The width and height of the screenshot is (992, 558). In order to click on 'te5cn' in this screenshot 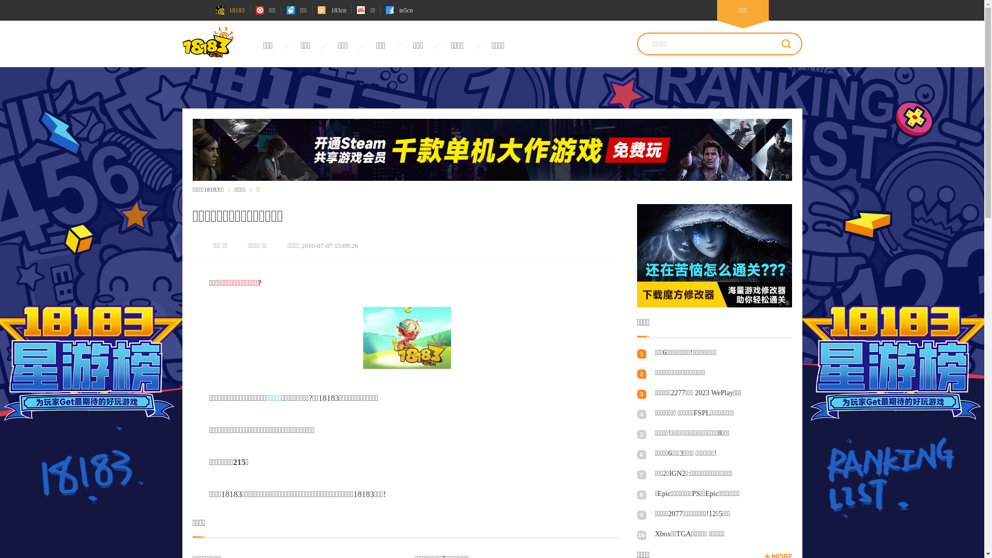, I will do `click(398, 10)`.